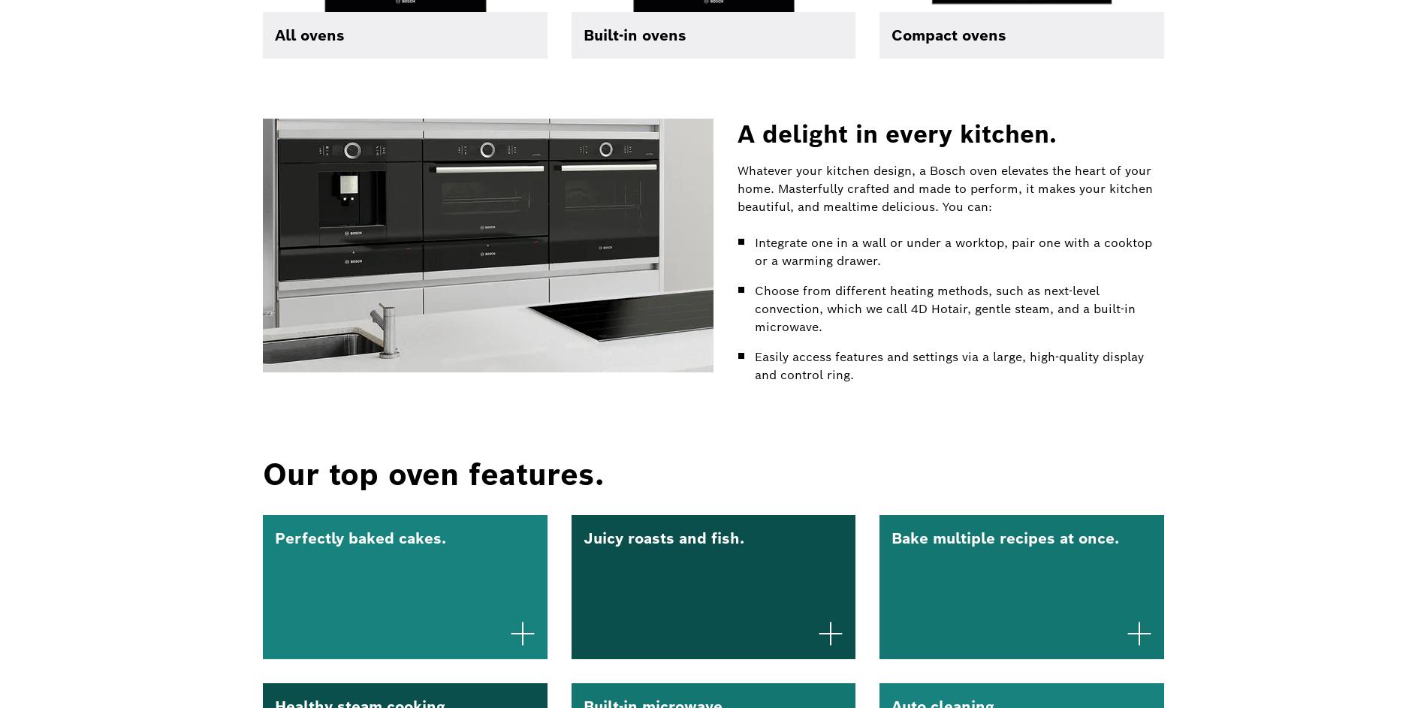  What do you see at coordinates (515, 156) in the screenshot?
I see `'History'` at bounding box center [515, 156].